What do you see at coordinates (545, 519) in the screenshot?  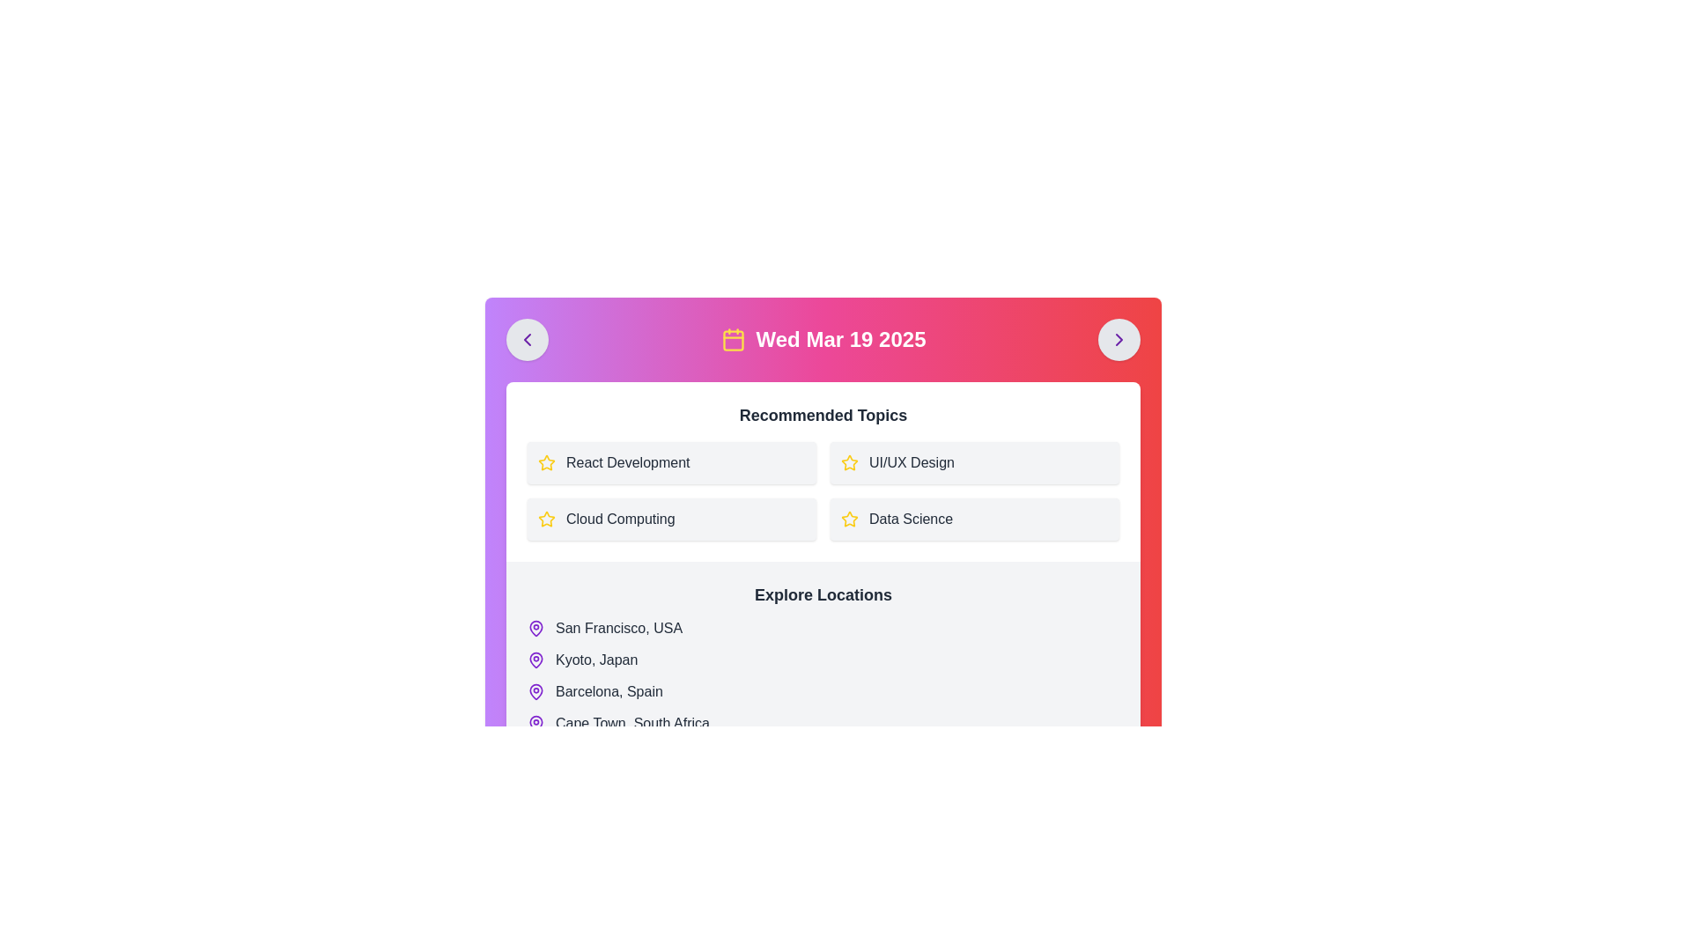 I see `the star-shaped icon with a yellow outline in the 'Cloud Computing' section of the 'Recommended Topics' group` at bounding box center [545, 519].